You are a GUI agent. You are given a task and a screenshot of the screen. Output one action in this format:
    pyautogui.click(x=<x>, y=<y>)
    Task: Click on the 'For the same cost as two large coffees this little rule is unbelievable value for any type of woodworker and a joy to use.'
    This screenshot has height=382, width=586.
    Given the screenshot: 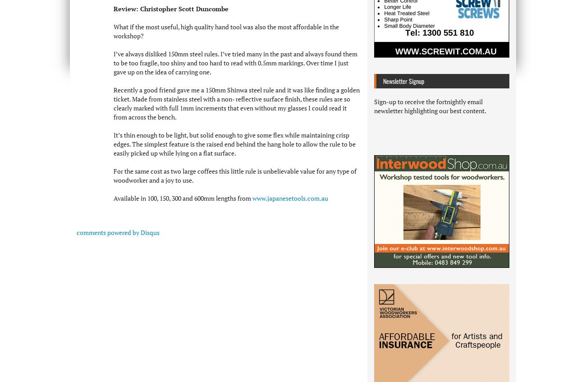 What is the action you would take?
    pyautogui.click(x=235, y=175)
    